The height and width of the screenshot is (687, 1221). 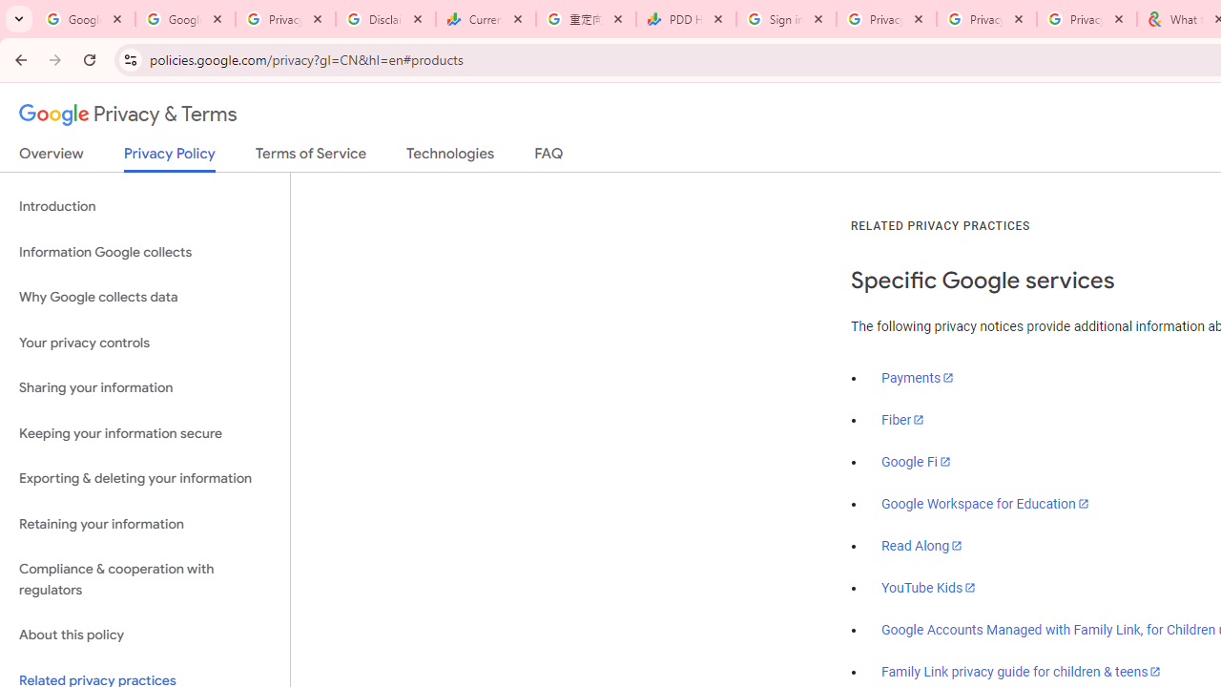 What do you see at coordinates (902, 419) in the screenshot?
I see `'Fiber'` at bounding box center [902, 419].